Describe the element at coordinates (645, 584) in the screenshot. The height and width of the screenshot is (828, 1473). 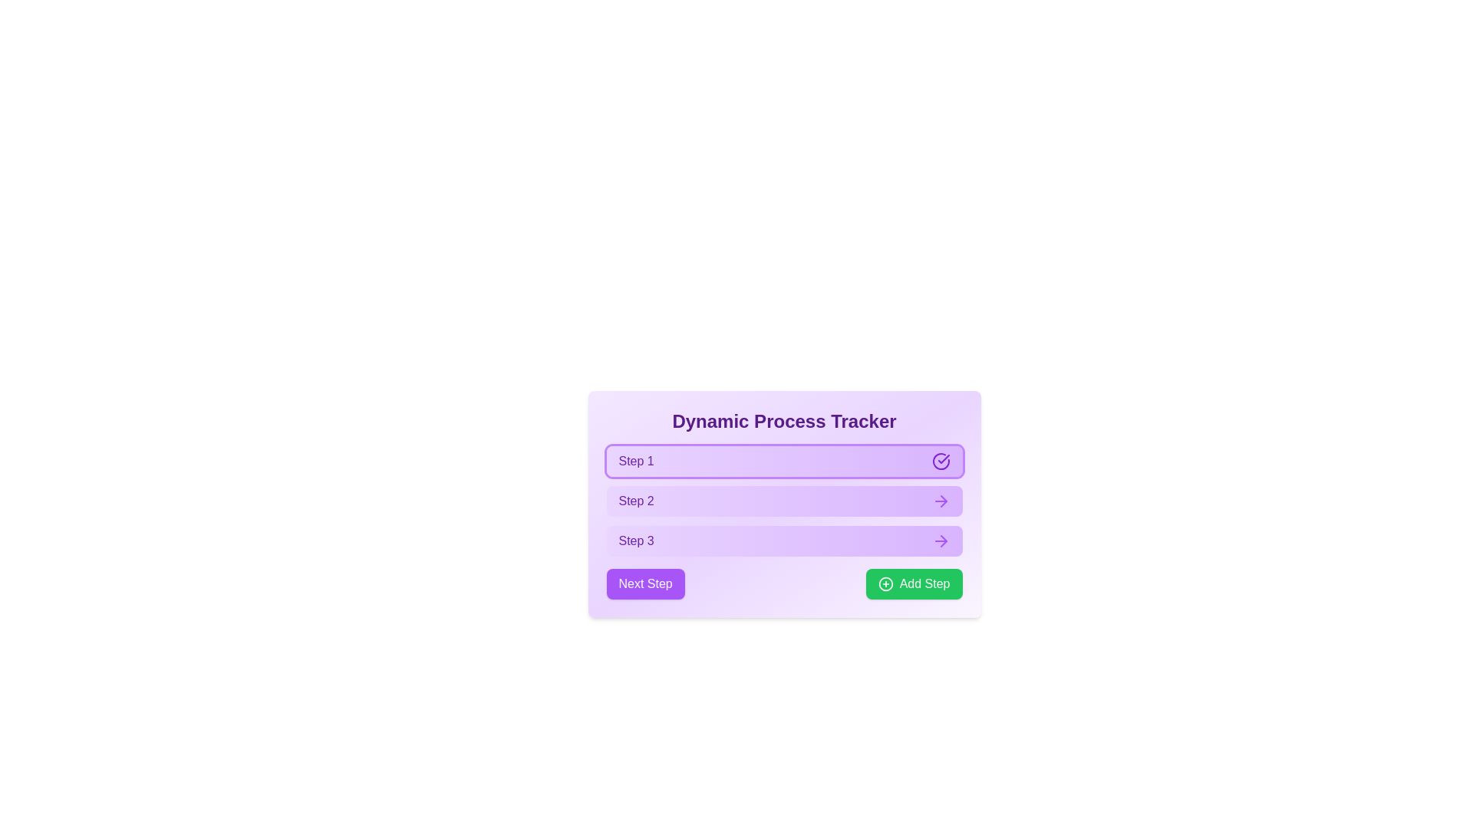
I see `the button that initiates the next step in a sequential process, located on the left side of a grouping of buttons, adjacent to the 'Add Step' green button` at that location.